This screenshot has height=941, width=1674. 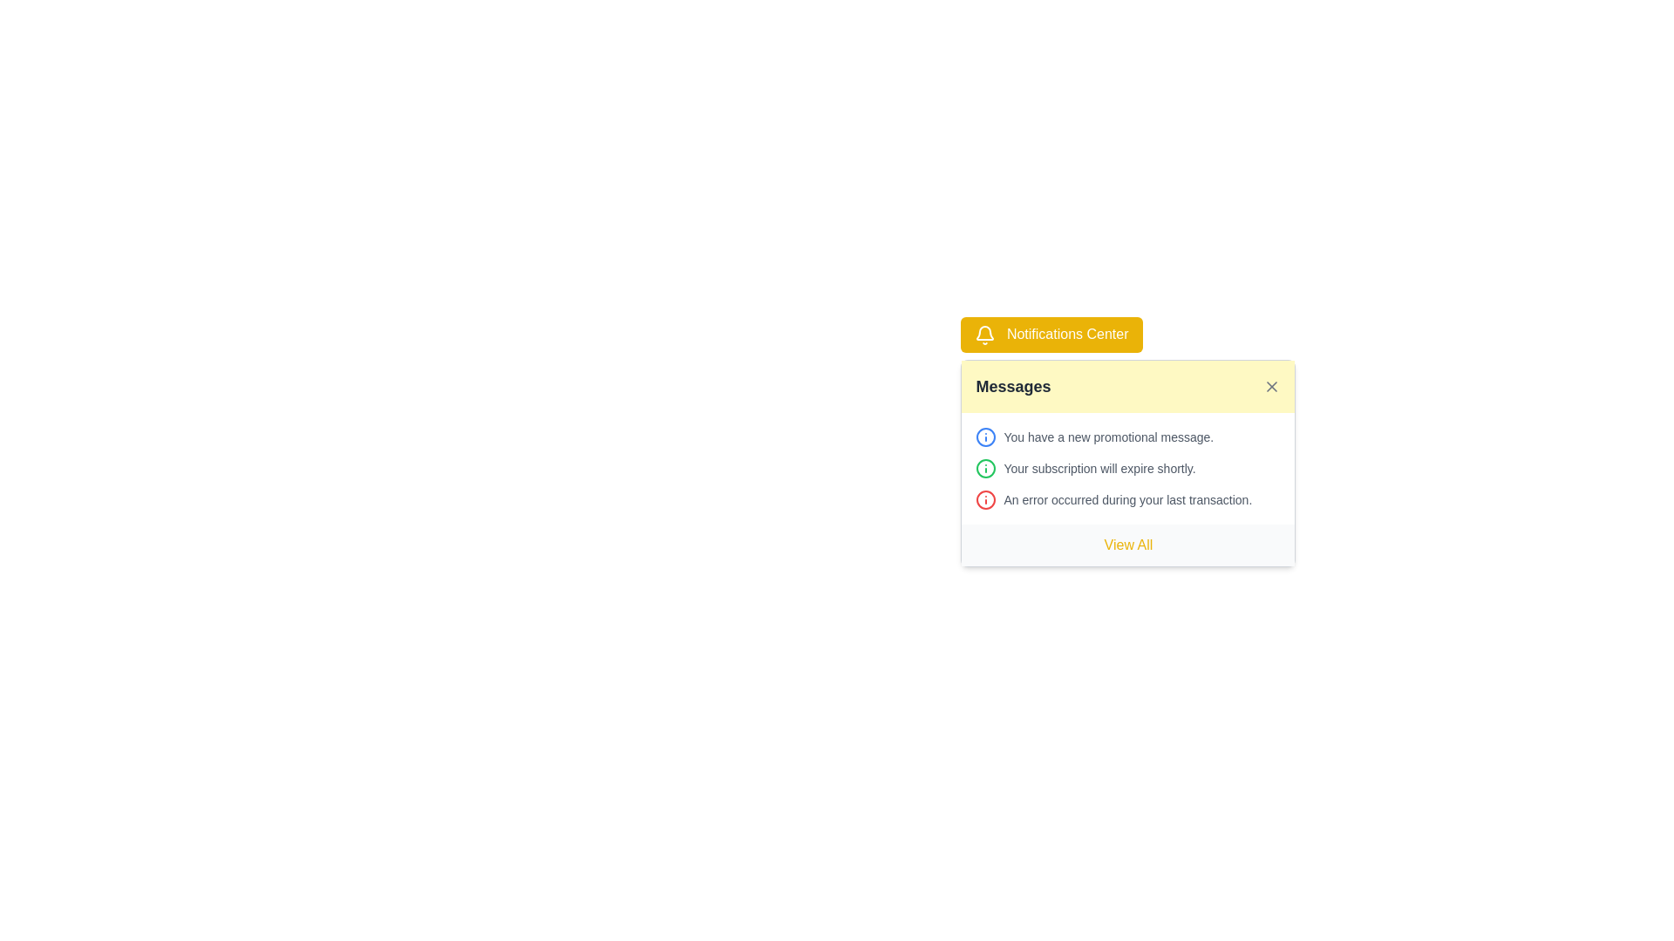 What do you see at coordinates (1272, 385) in the screenshot?
I see `the close button, which is a gray cross icon located at the top-right corner of the notification panel` at bounding box center [1272, 385].